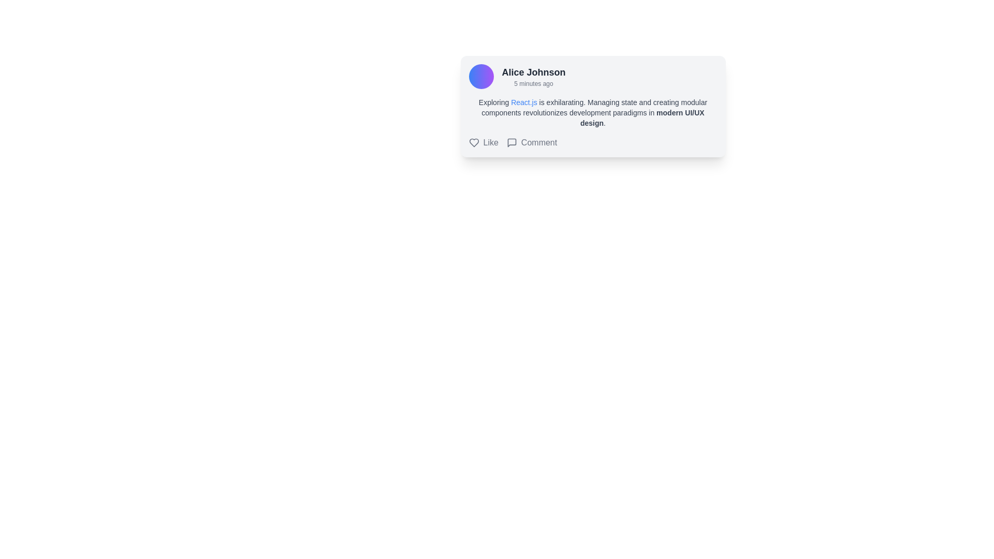 The width and height of the screenshot is (994, 559). What do you see at coordinates (538, 143) in the screenshot?
I see `the 'Comment' text label, which is displayed in gray font and is positioned to the right of a speech bubble icon, located below the main content of the card` at bounding box center [538, 143].